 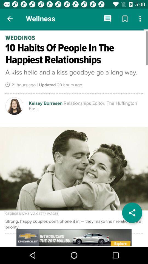 I want to click on the share icon, so click(x=132, y=212).